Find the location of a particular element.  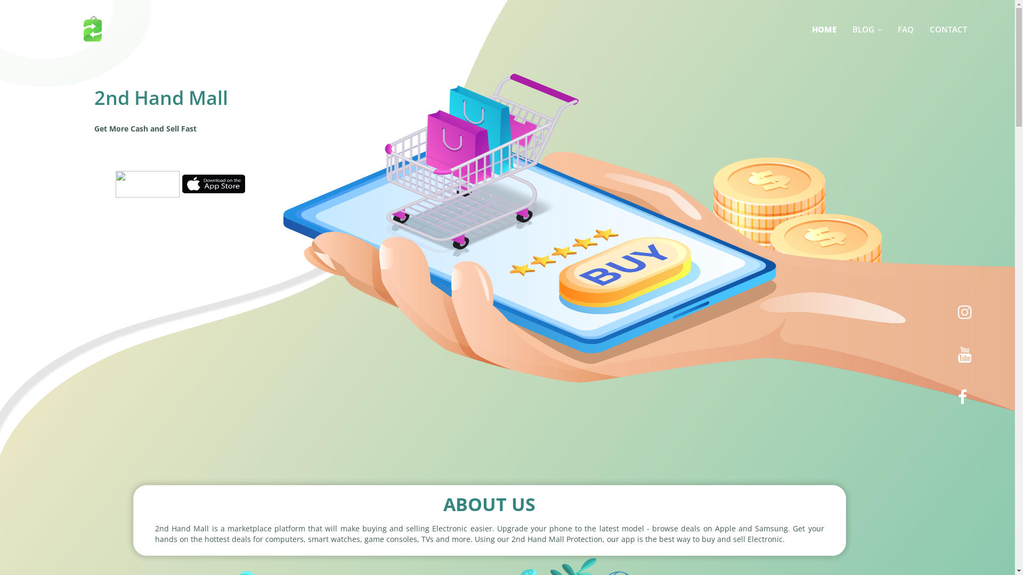

'HOME' is located at coordinates (823, 28).